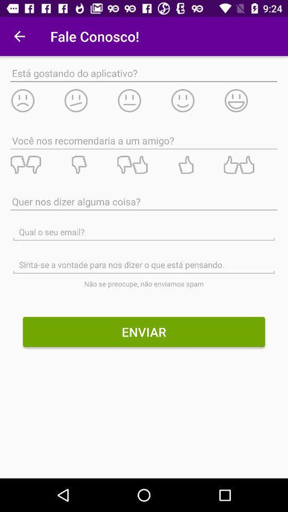 The image size is (288, 512). I want to click on emoticon for rate the app, so click(250, 100).